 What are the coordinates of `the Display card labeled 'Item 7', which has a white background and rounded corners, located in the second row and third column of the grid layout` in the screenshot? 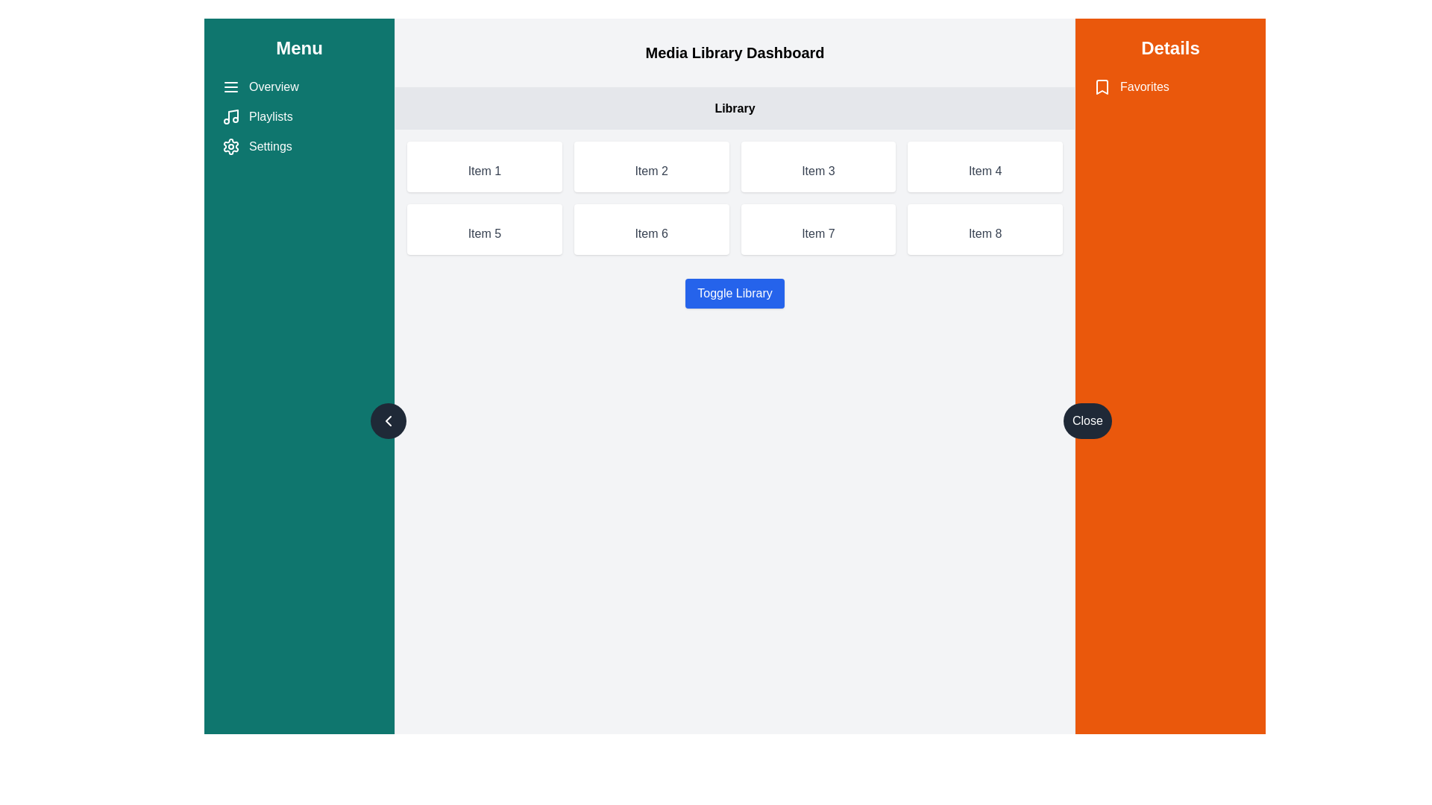 It's located at (817, 230).